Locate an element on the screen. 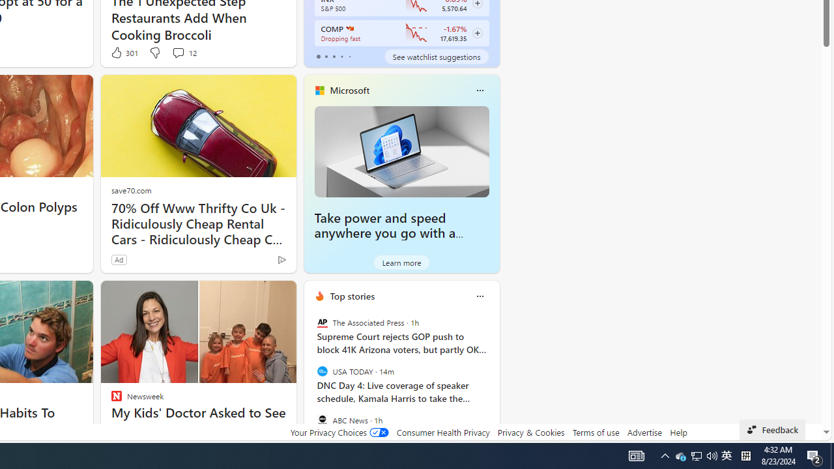 Image resolution: width=834 pixels, height=469 pixels. 'Your Privacy Choices' is located at coordinates (339, 432).